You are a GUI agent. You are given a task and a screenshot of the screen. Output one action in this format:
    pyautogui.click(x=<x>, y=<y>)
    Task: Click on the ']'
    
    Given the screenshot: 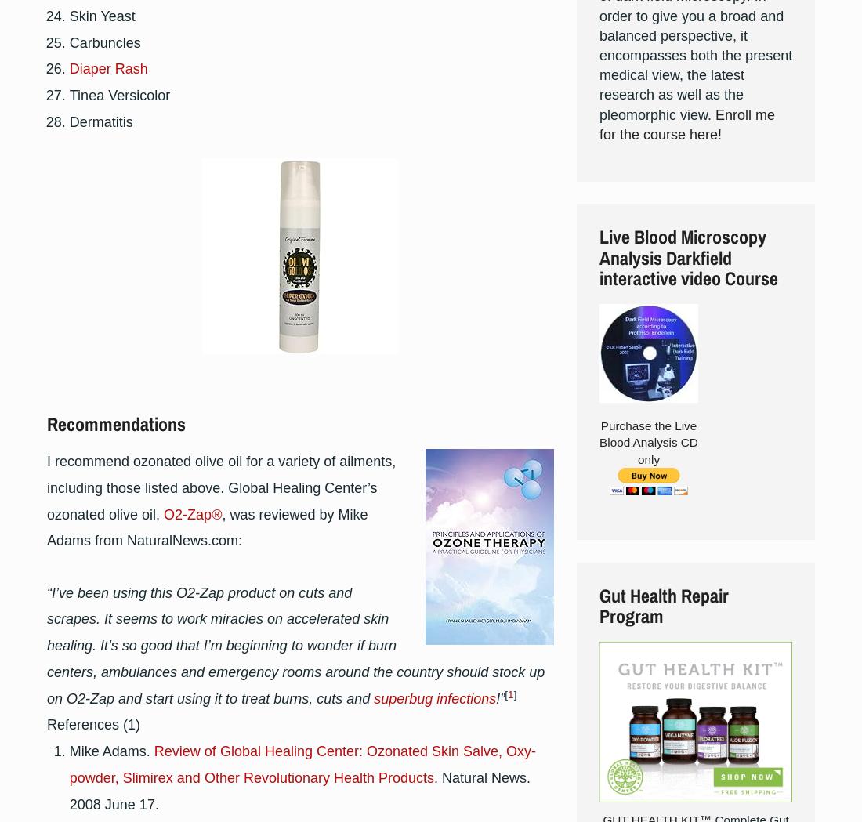 What is the action you would take?
    pyautogui.click(x=515, y=693)
    